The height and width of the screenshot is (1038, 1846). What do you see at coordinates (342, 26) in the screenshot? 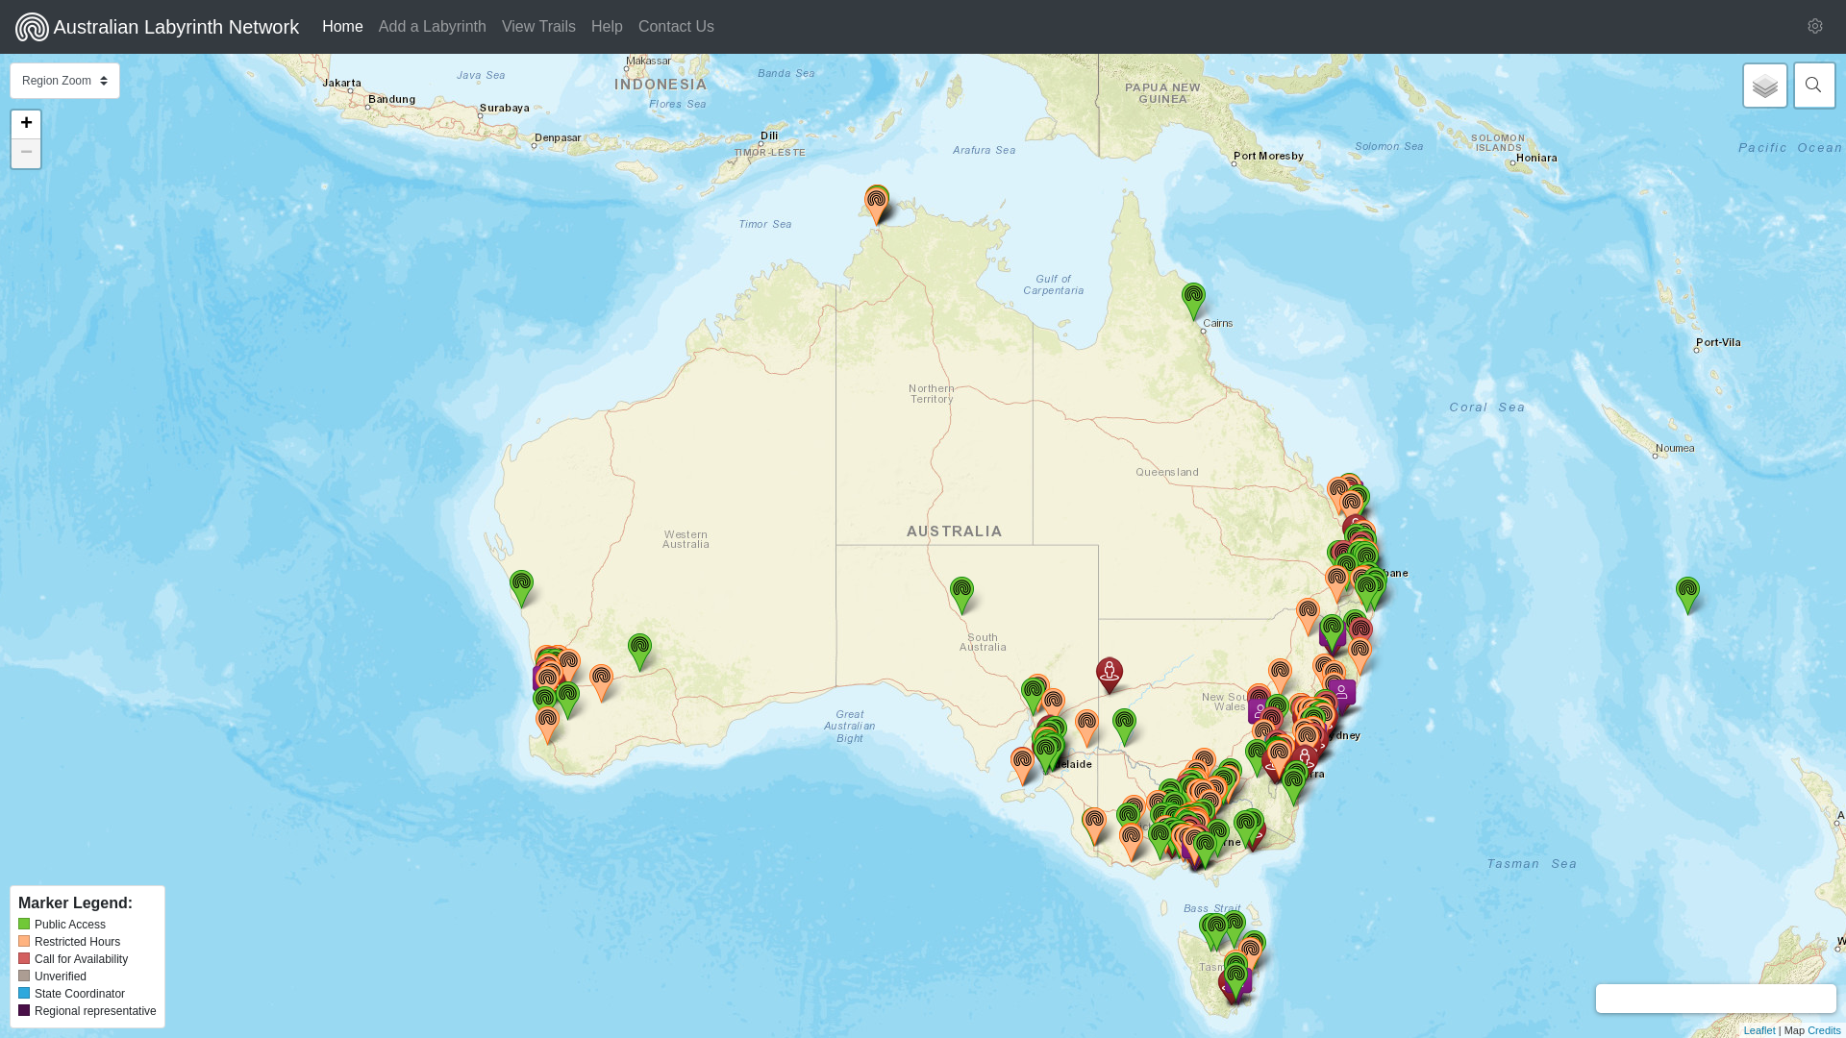
I see `'Home` at bounding box center [342, 26].